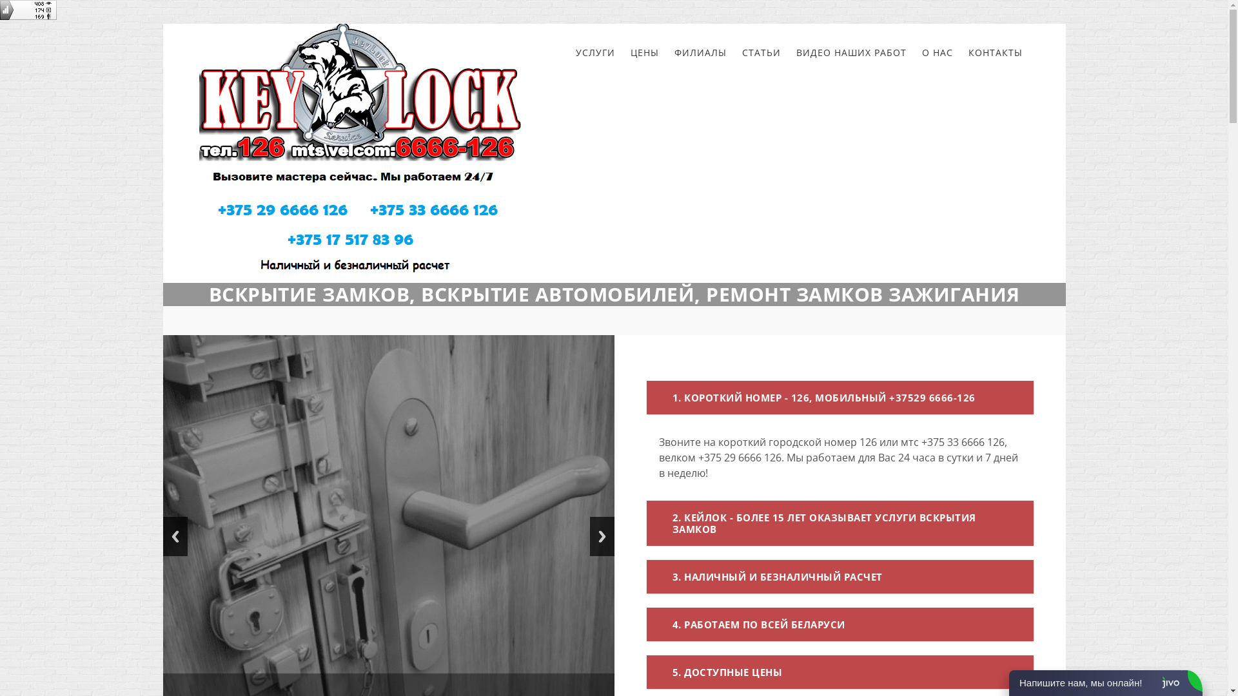 Image resolution: width=1238 pixels, height=696 pixels. I want to click on 'Previous', so click(162, 536).